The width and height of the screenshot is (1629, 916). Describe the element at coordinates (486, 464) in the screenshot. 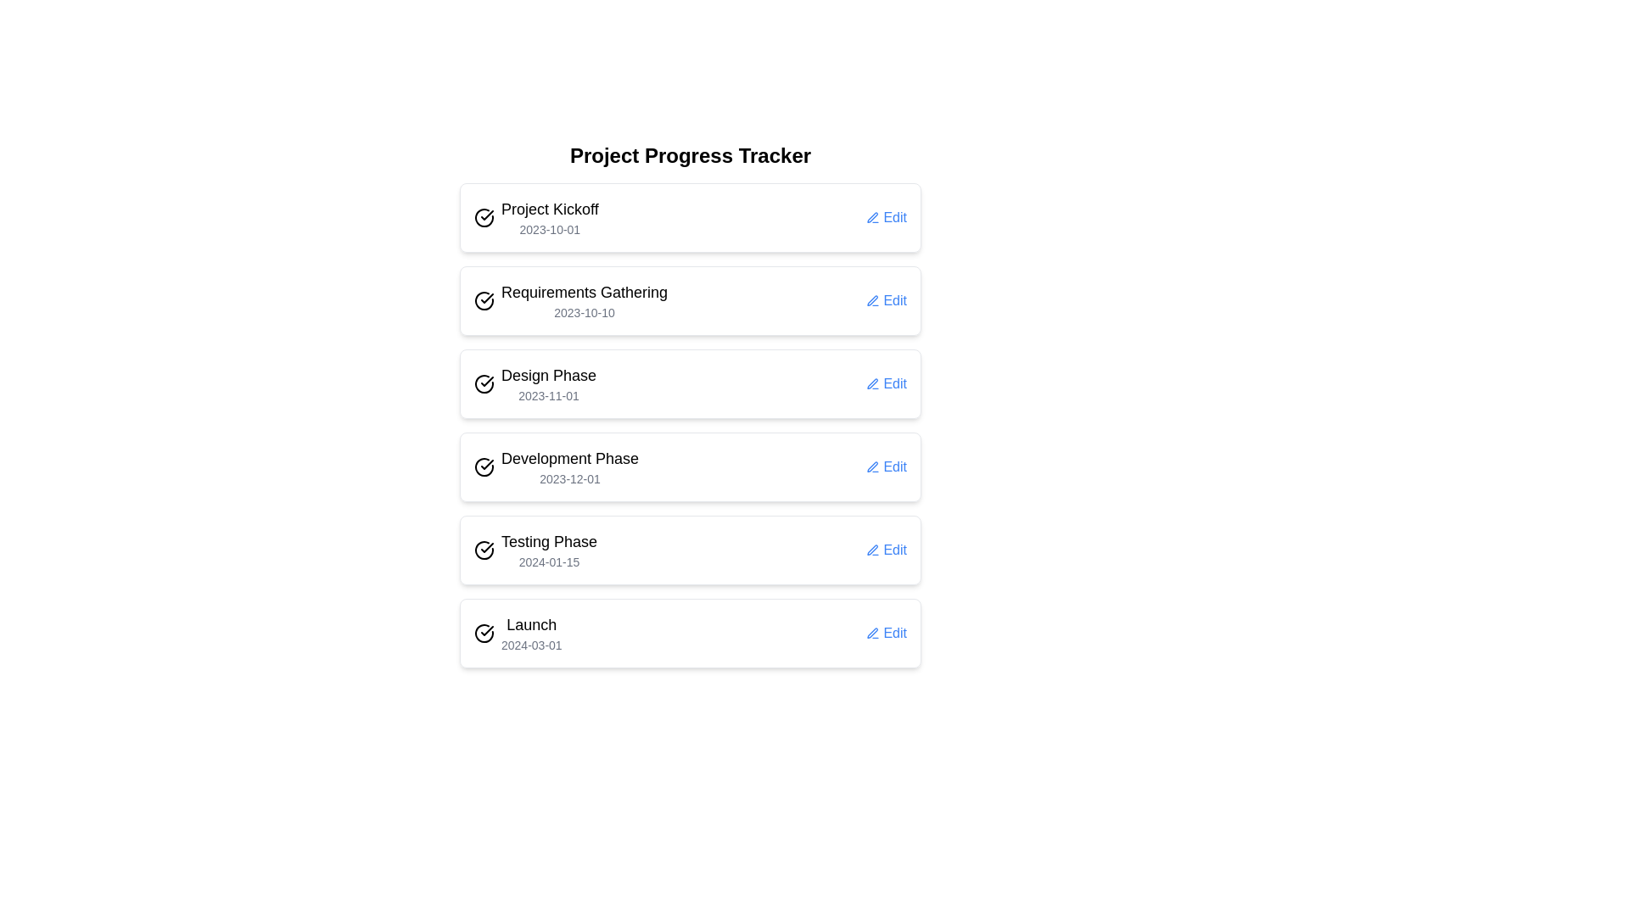

I see `the checkmark icon located to the left of the 'Development Phase' text, which indicates that the associated step is completed` at that location.